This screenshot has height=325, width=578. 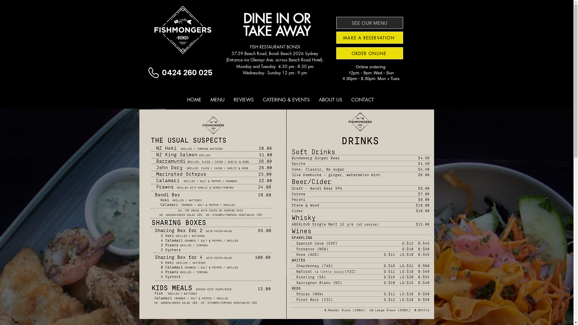 I want to click on 'SEE OUR MENU', so click(x=369, y=23).